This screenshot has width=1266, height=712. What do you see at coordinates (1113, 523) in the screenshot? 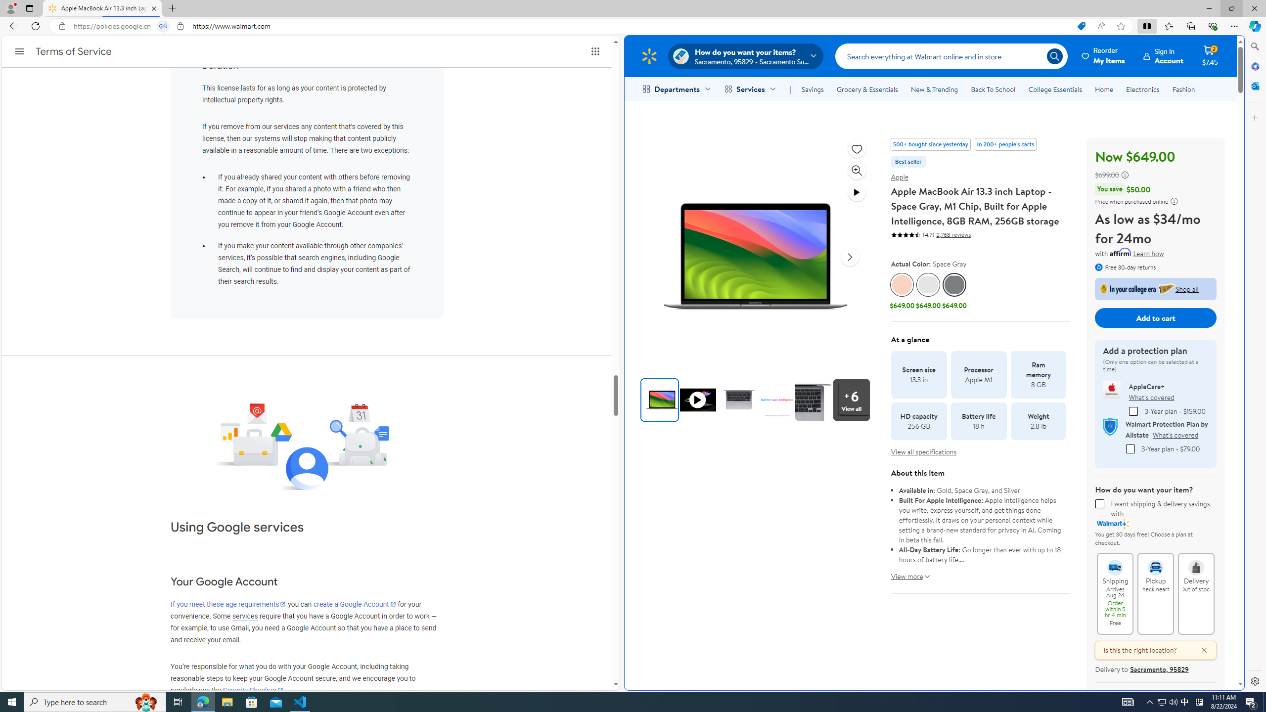
I see `'Walmart plus'` at bounding box center [1113, 523].